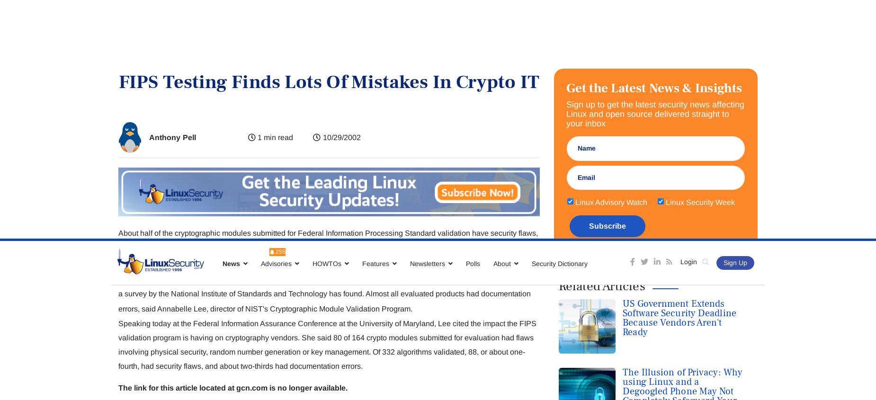  What do you see at coordinates (231, 24) in the screenshot?
I see `'News'` at bounding box center [231, 24].